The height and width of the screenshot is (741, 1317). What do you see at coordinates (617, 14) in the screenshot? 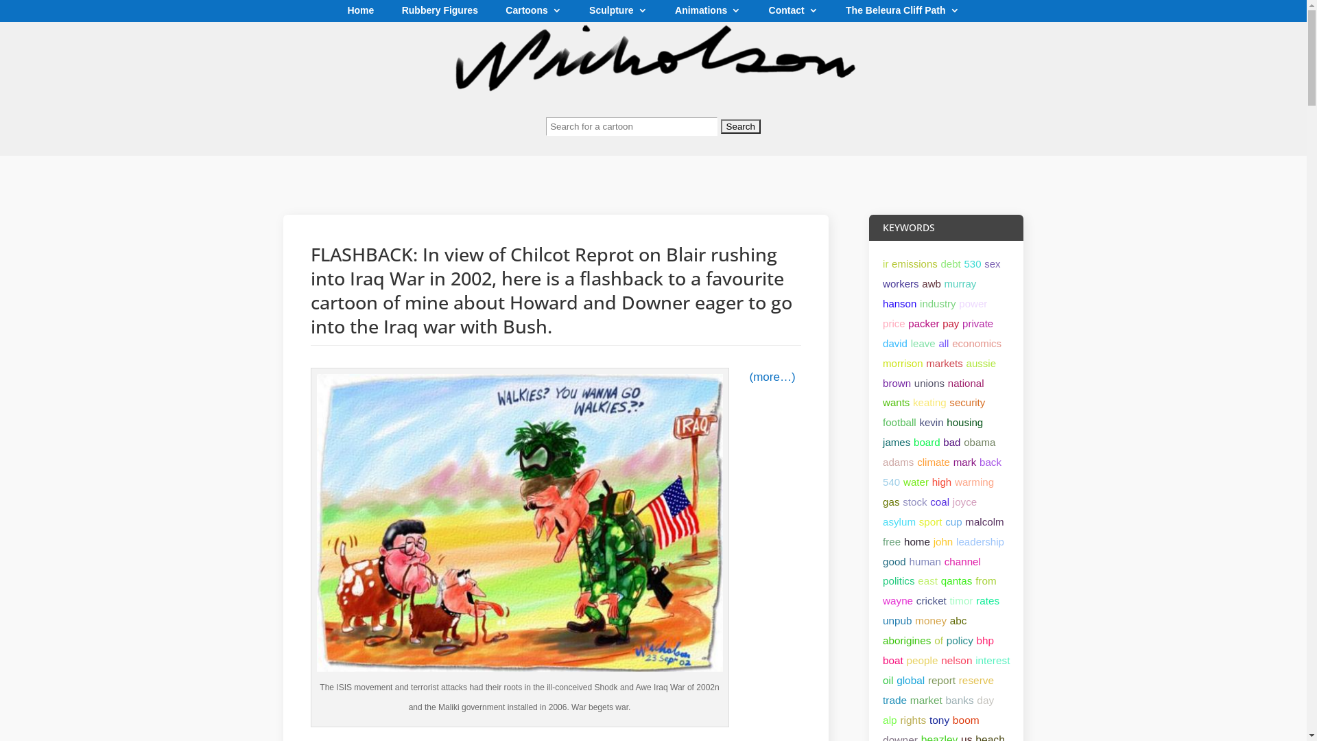
I see `'Sculpture'` at bounding box center [617, 14].